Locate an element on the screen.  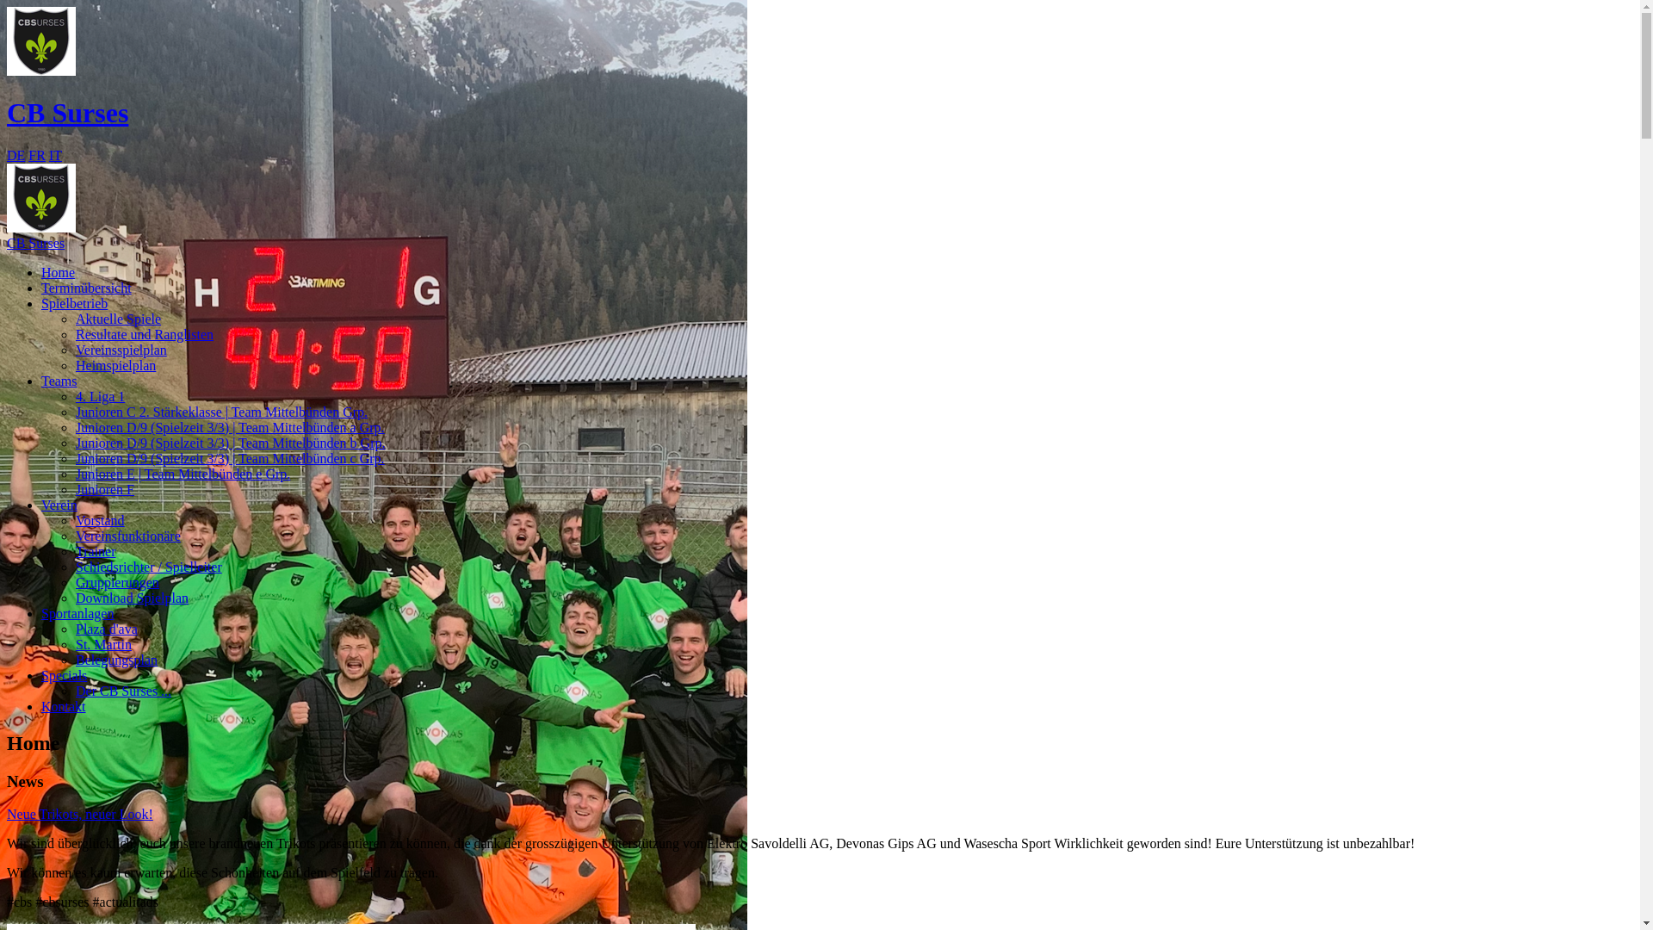
'Gruppierungen' is located at coordinates (116, 581).